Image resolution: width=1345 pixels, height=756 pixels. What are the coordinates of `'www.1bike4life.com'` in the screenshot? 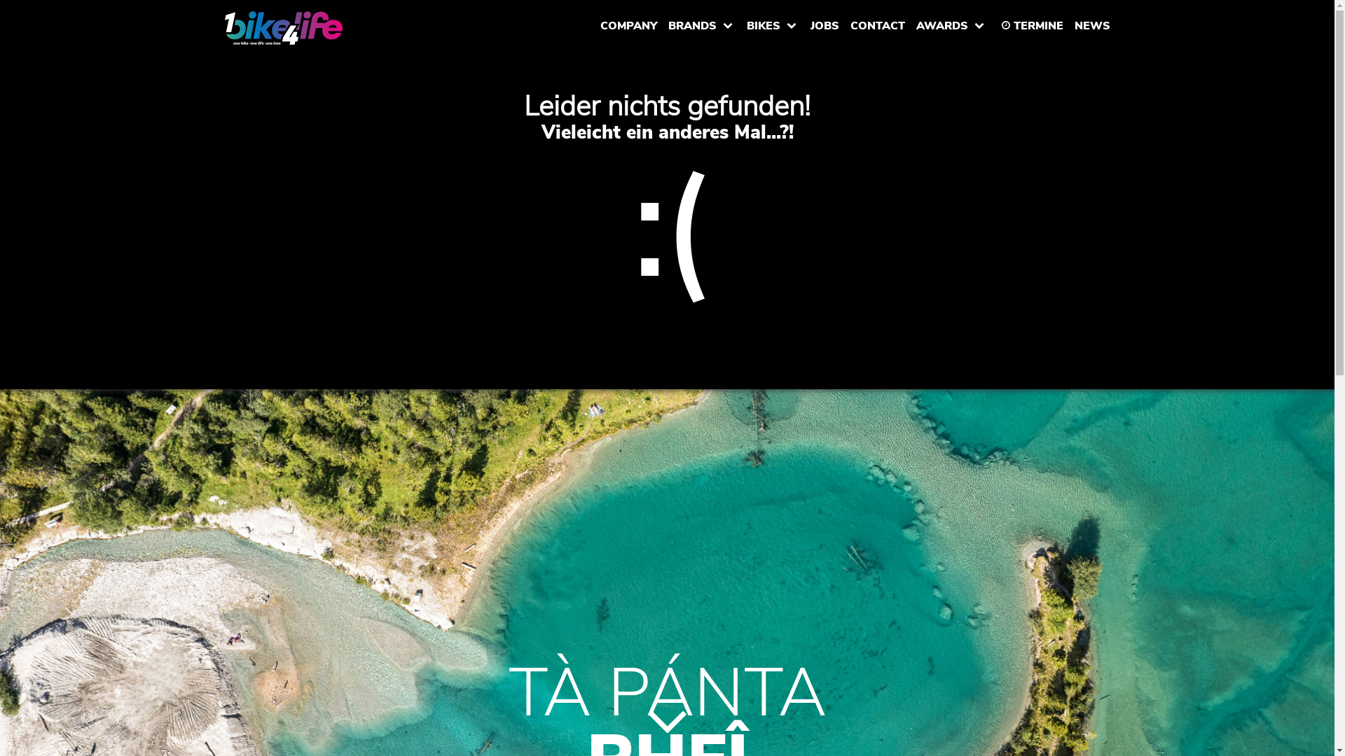 It's located at (282, 27).